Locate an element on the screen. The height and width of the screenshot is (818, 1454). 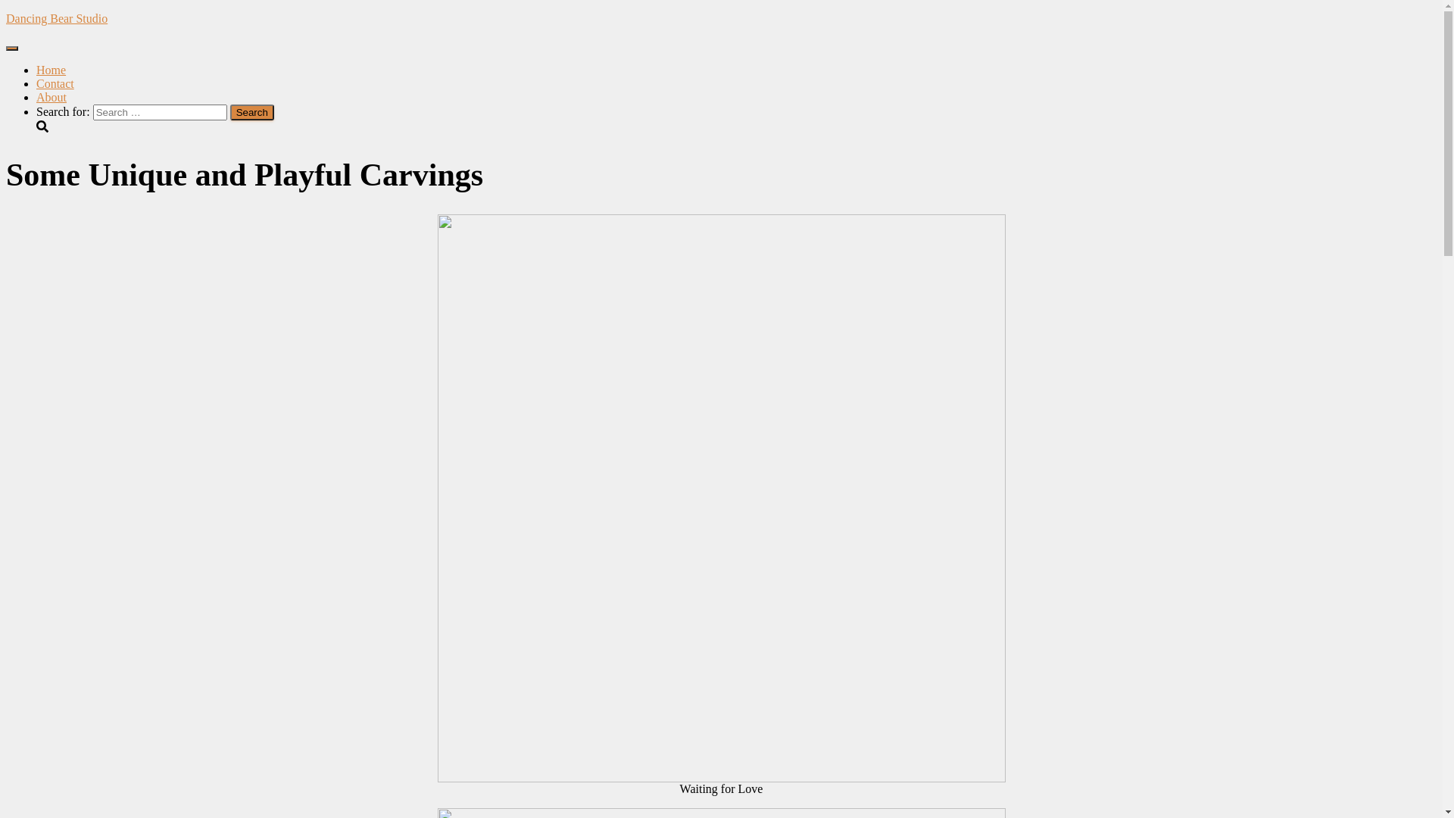
'Search' is located at coordinates (251, 111).